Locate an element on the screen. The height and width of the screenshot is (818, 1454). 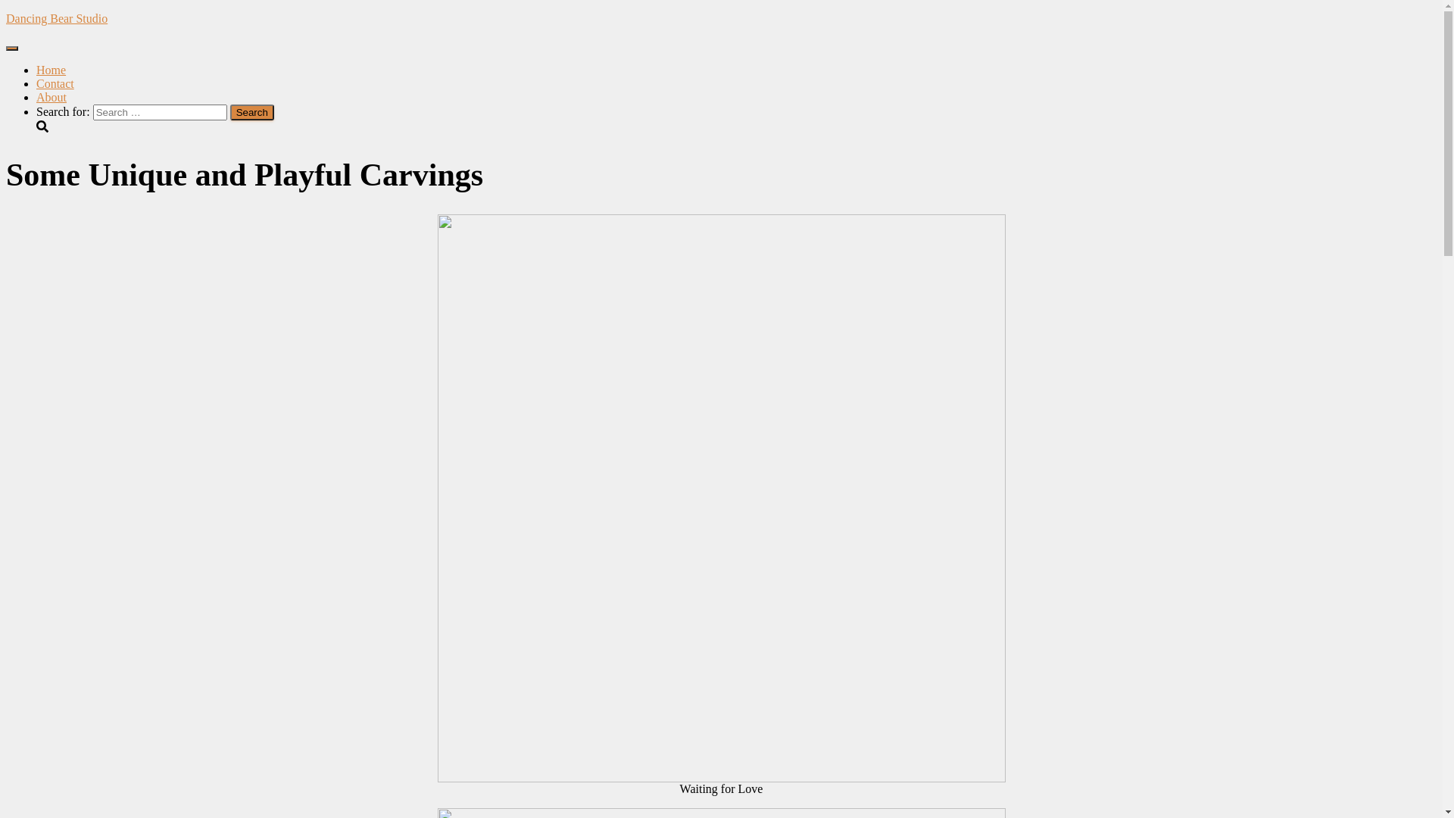
'Search' is located at coordinates (251, 111).